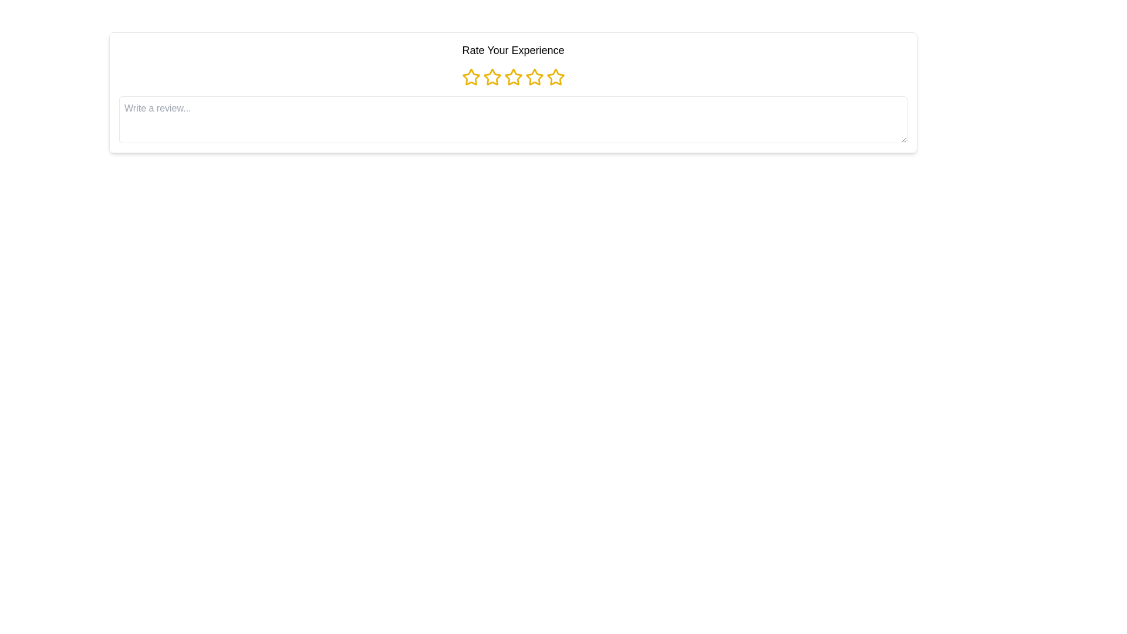  Describe the element at coordinates (534, 77) in the screenshot. I see `the fourth star-shaped icon in the rating section below the 'Rate Your Experience' label` at that location.